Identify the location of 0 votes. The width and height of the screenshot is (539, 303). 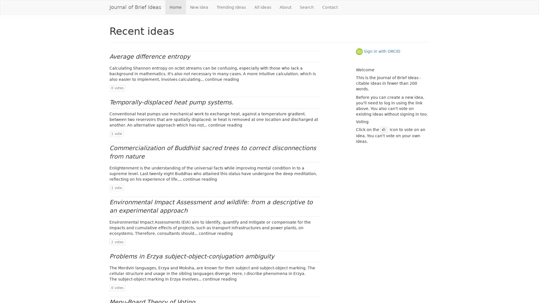
(117, 88).